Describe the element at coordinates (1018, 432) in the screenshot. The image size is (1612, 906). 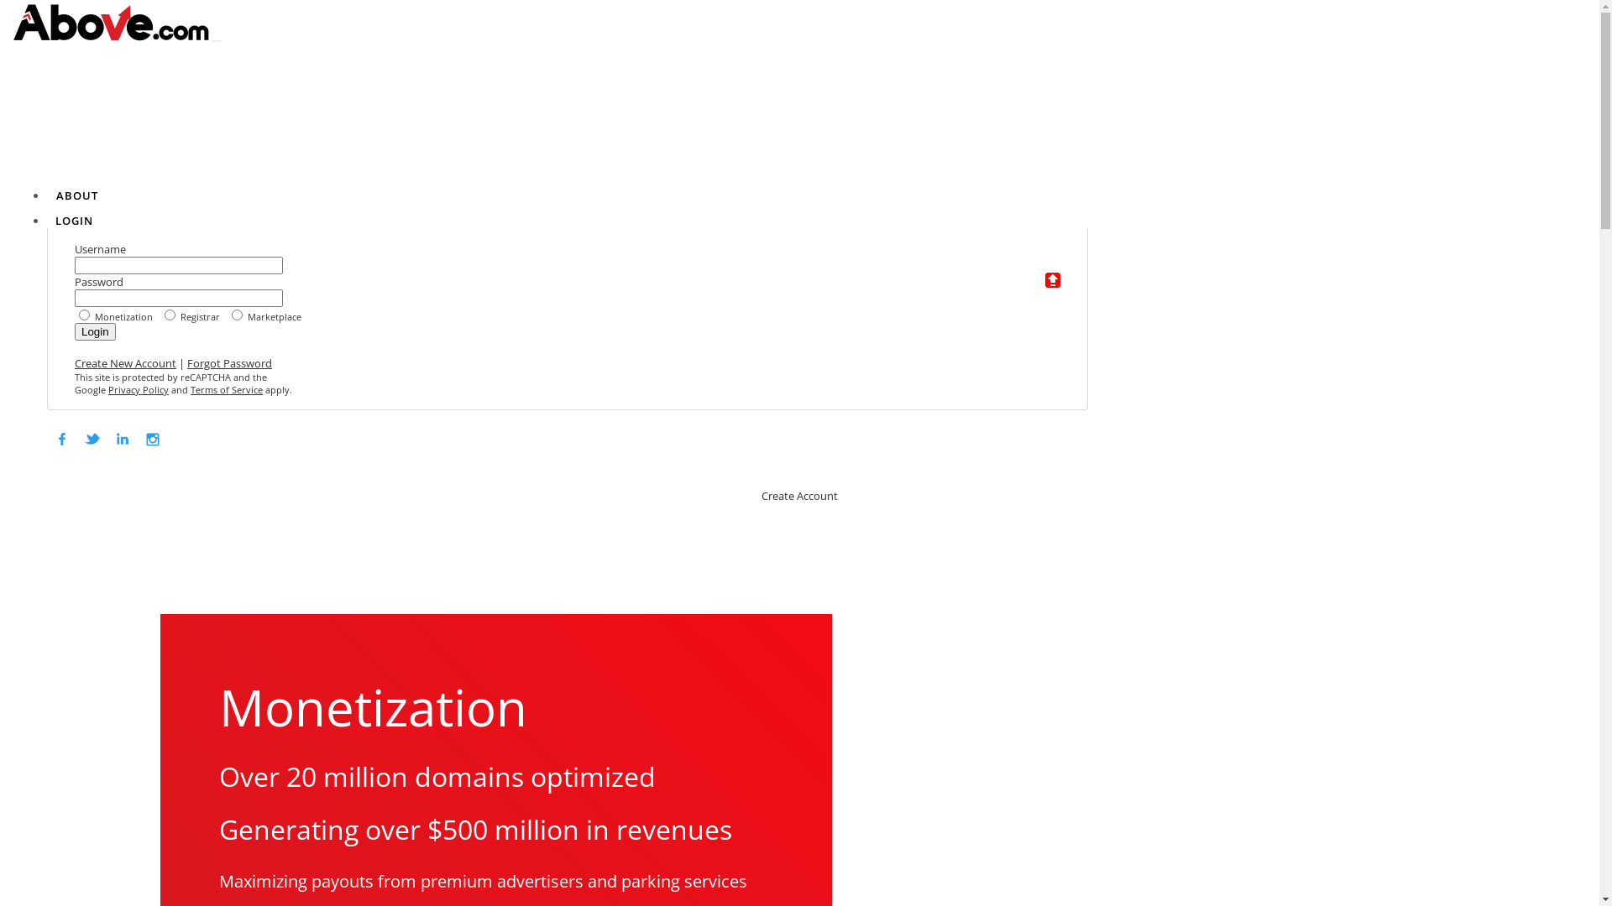
I see `'Registration'` at that location.